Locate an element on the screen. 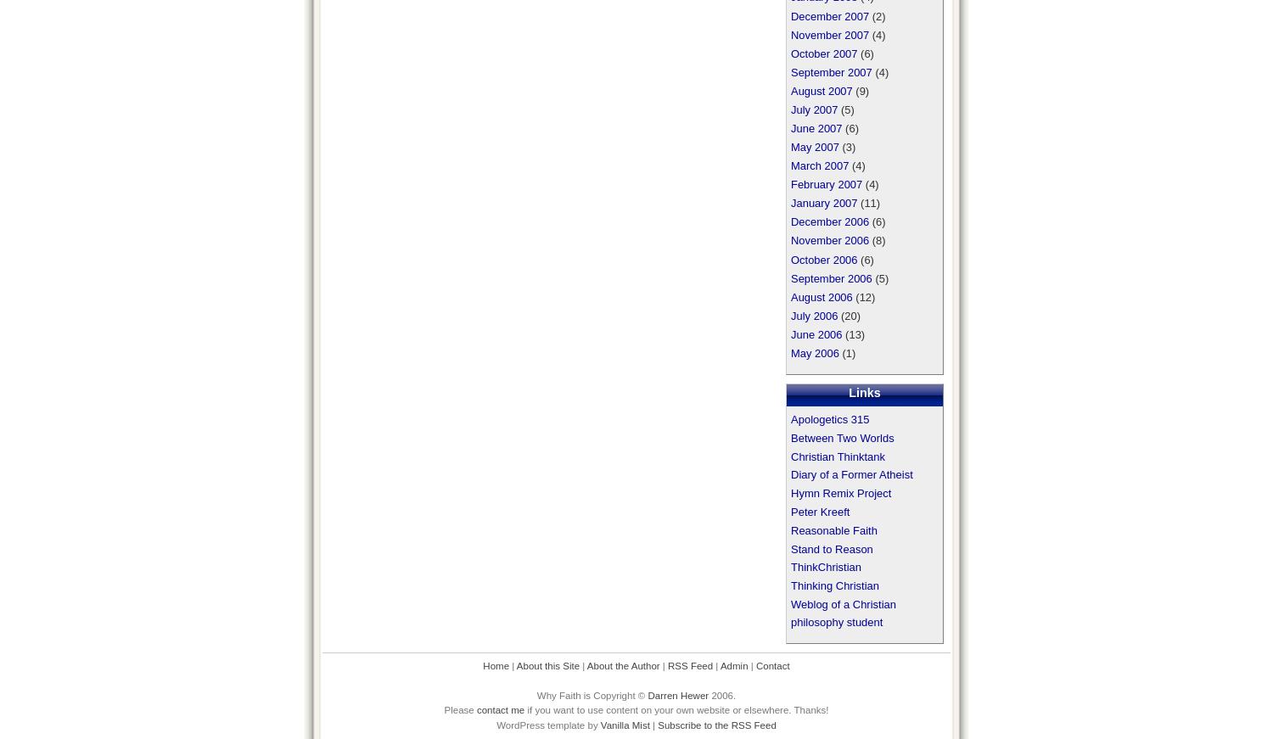  'About this Site' is located at coordinates (514, 666).